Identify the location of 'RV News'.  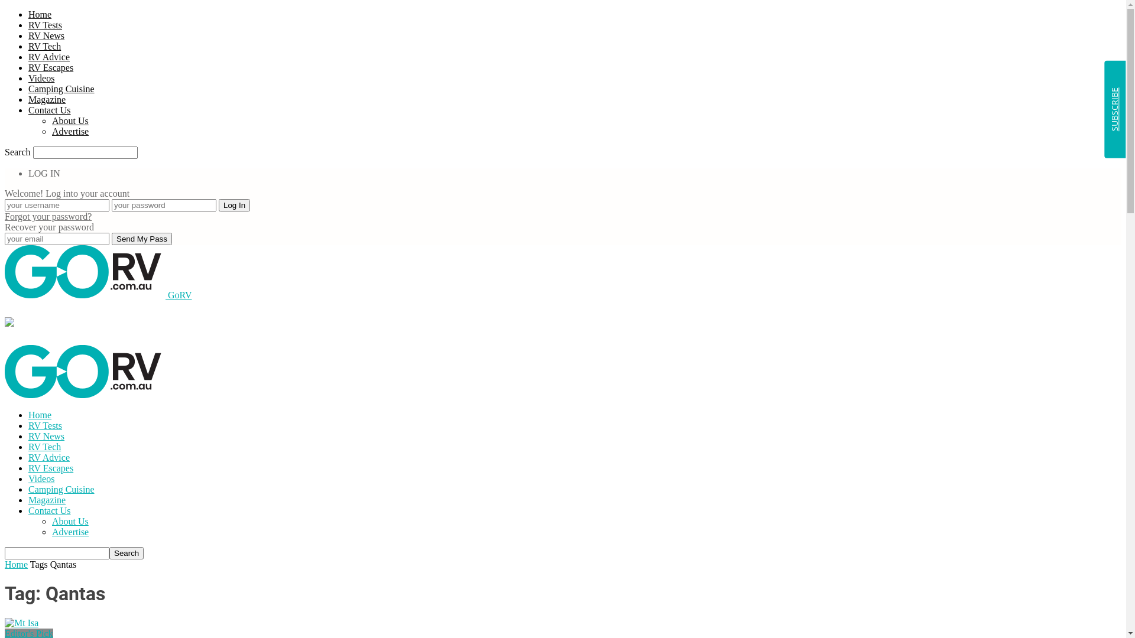
(46, 436).